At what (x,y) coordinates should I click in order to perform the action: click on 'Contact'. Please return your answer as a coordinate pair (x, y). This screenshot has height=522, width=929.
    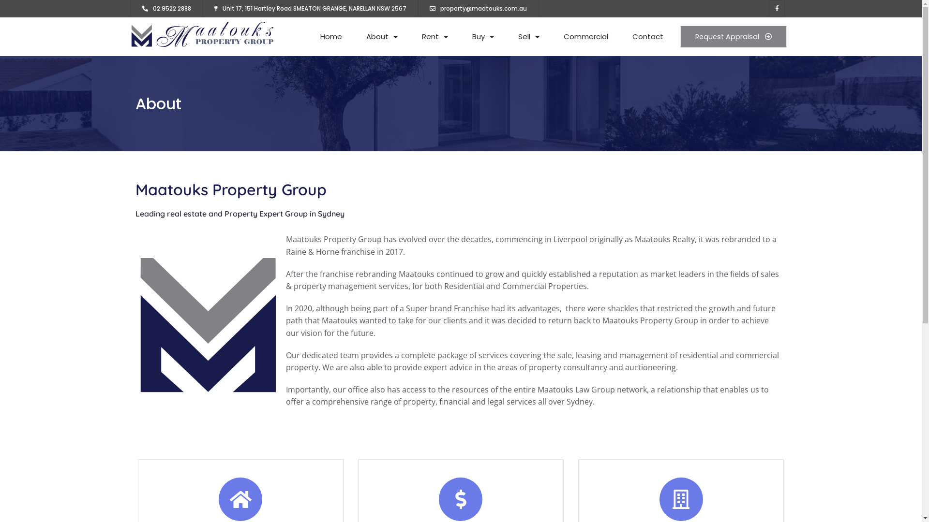
    Looking at the image, I should click on (648, 36).